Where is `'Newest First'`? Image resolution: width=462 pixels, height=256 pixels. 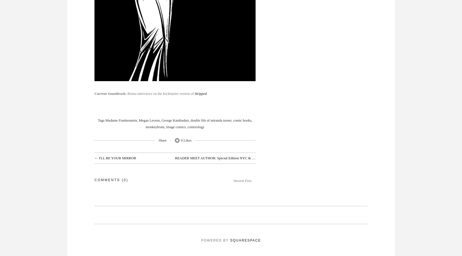 'Newest First' is located at coordinates (233, 180).